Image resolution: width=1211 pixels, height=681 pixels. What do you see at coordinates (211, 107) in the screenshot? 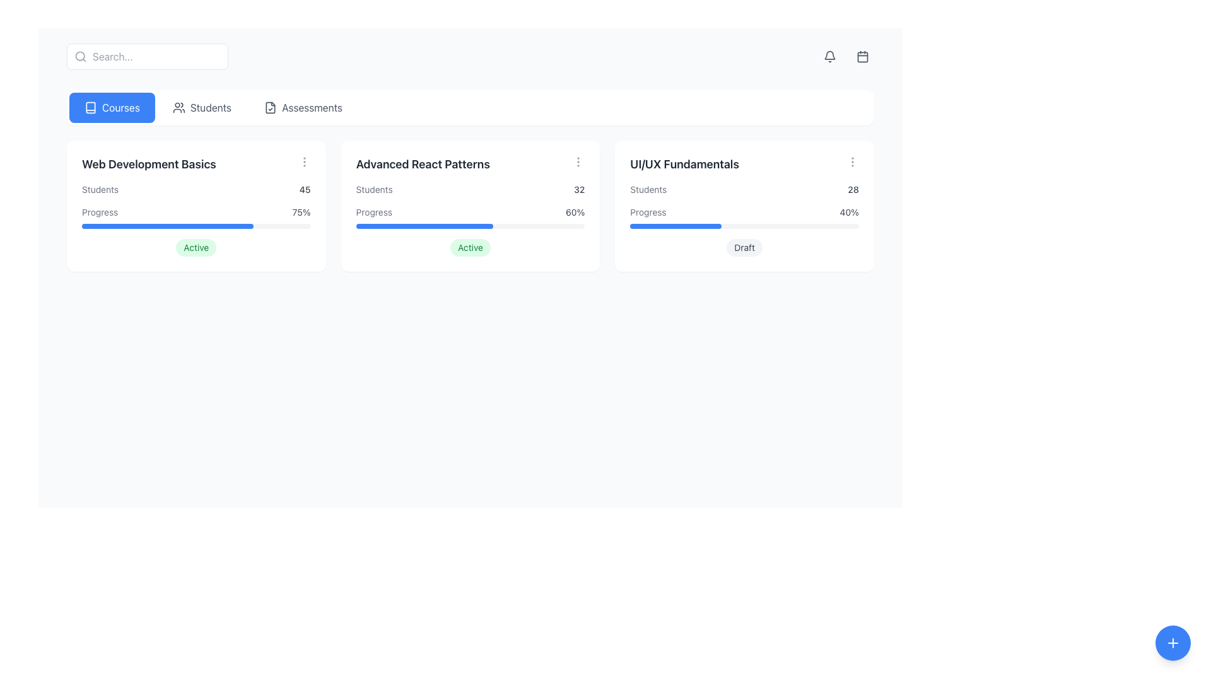
I see `the 'Students' text label located in the header navigation bar` at bounding box center [211, 107].